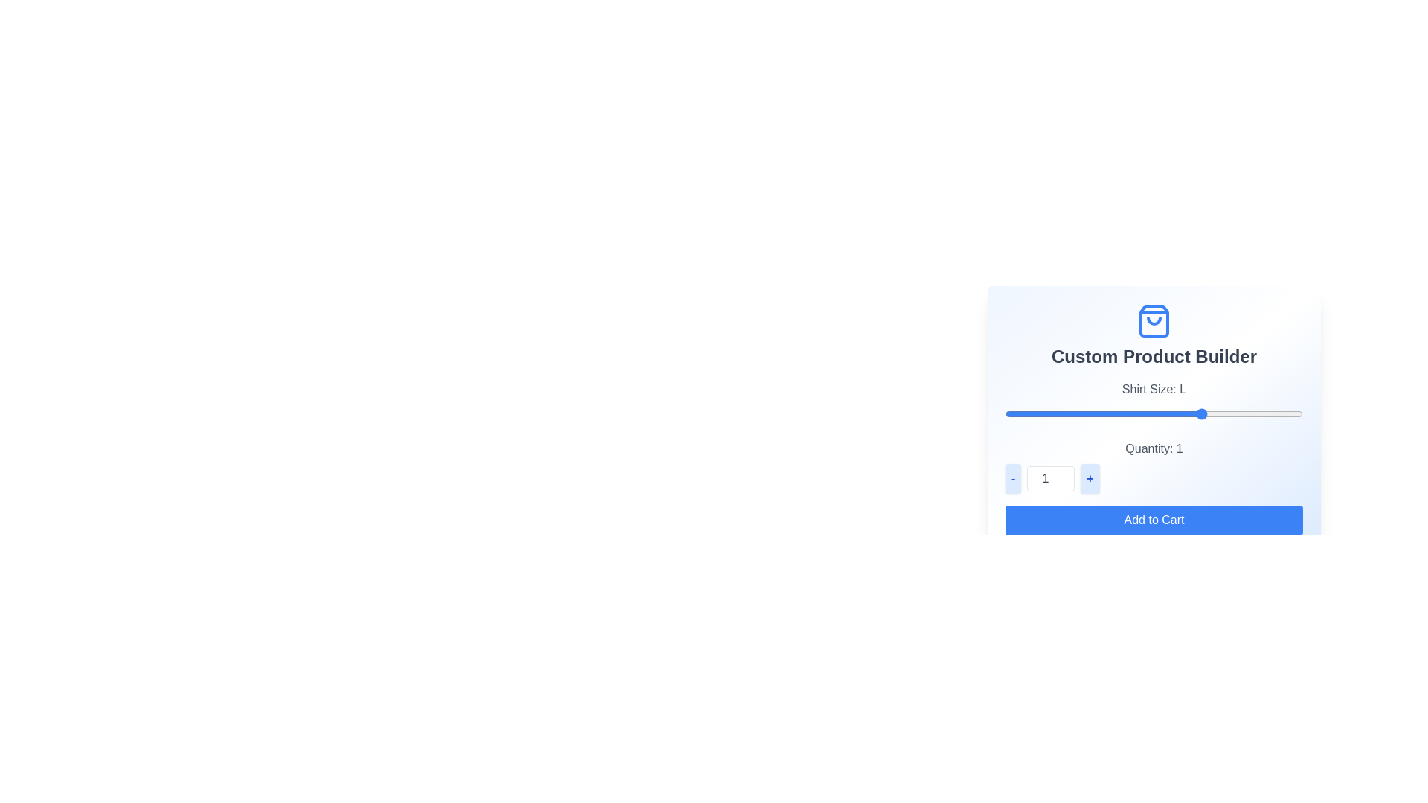  What do you see at coordinates (1006, 413) in the screenshot?
I see `the shirt size slider` at bounding box center [1006, 413].